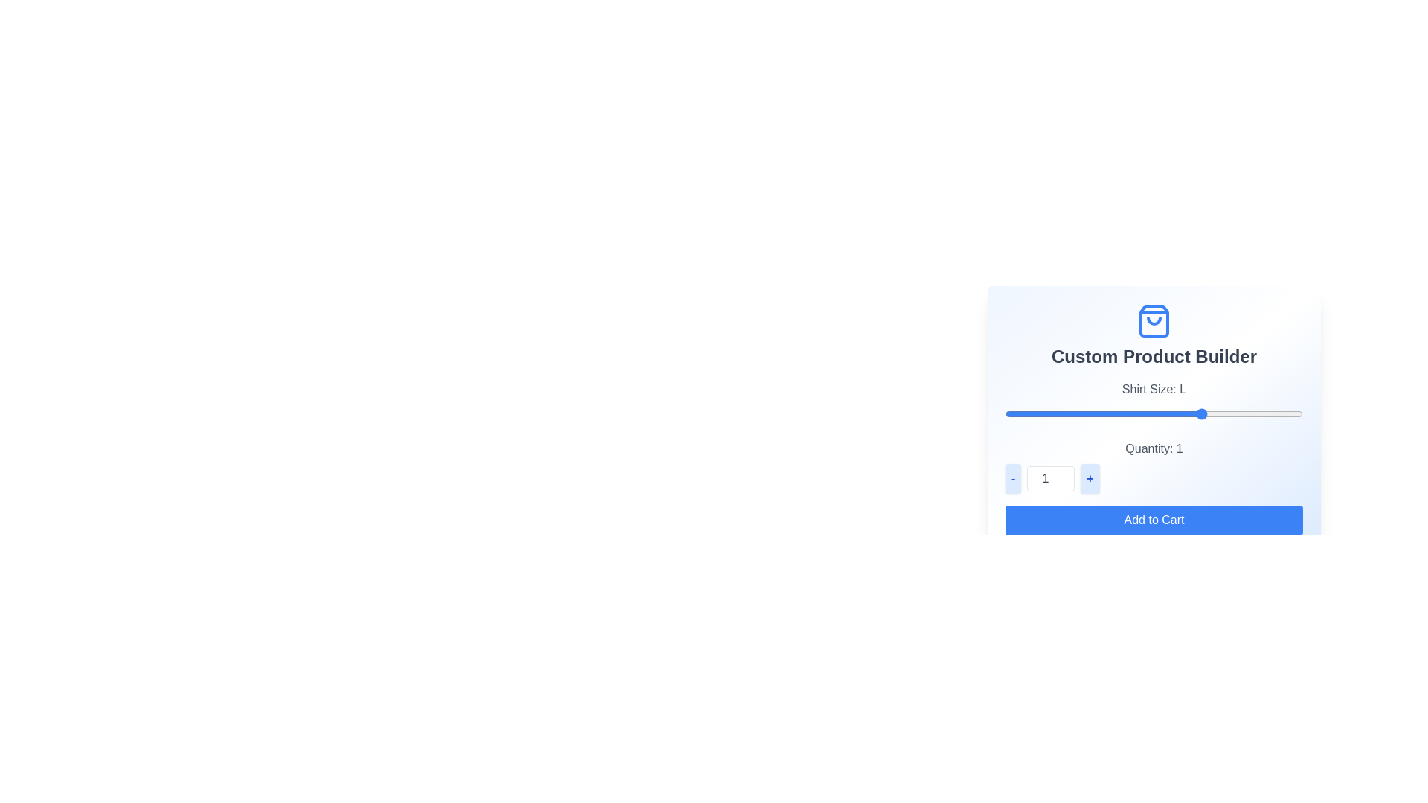  What do you see at coordinates (1006, 413) in the screenshot?
I see `the shirt size slider` at bounding box center [1006, 413].